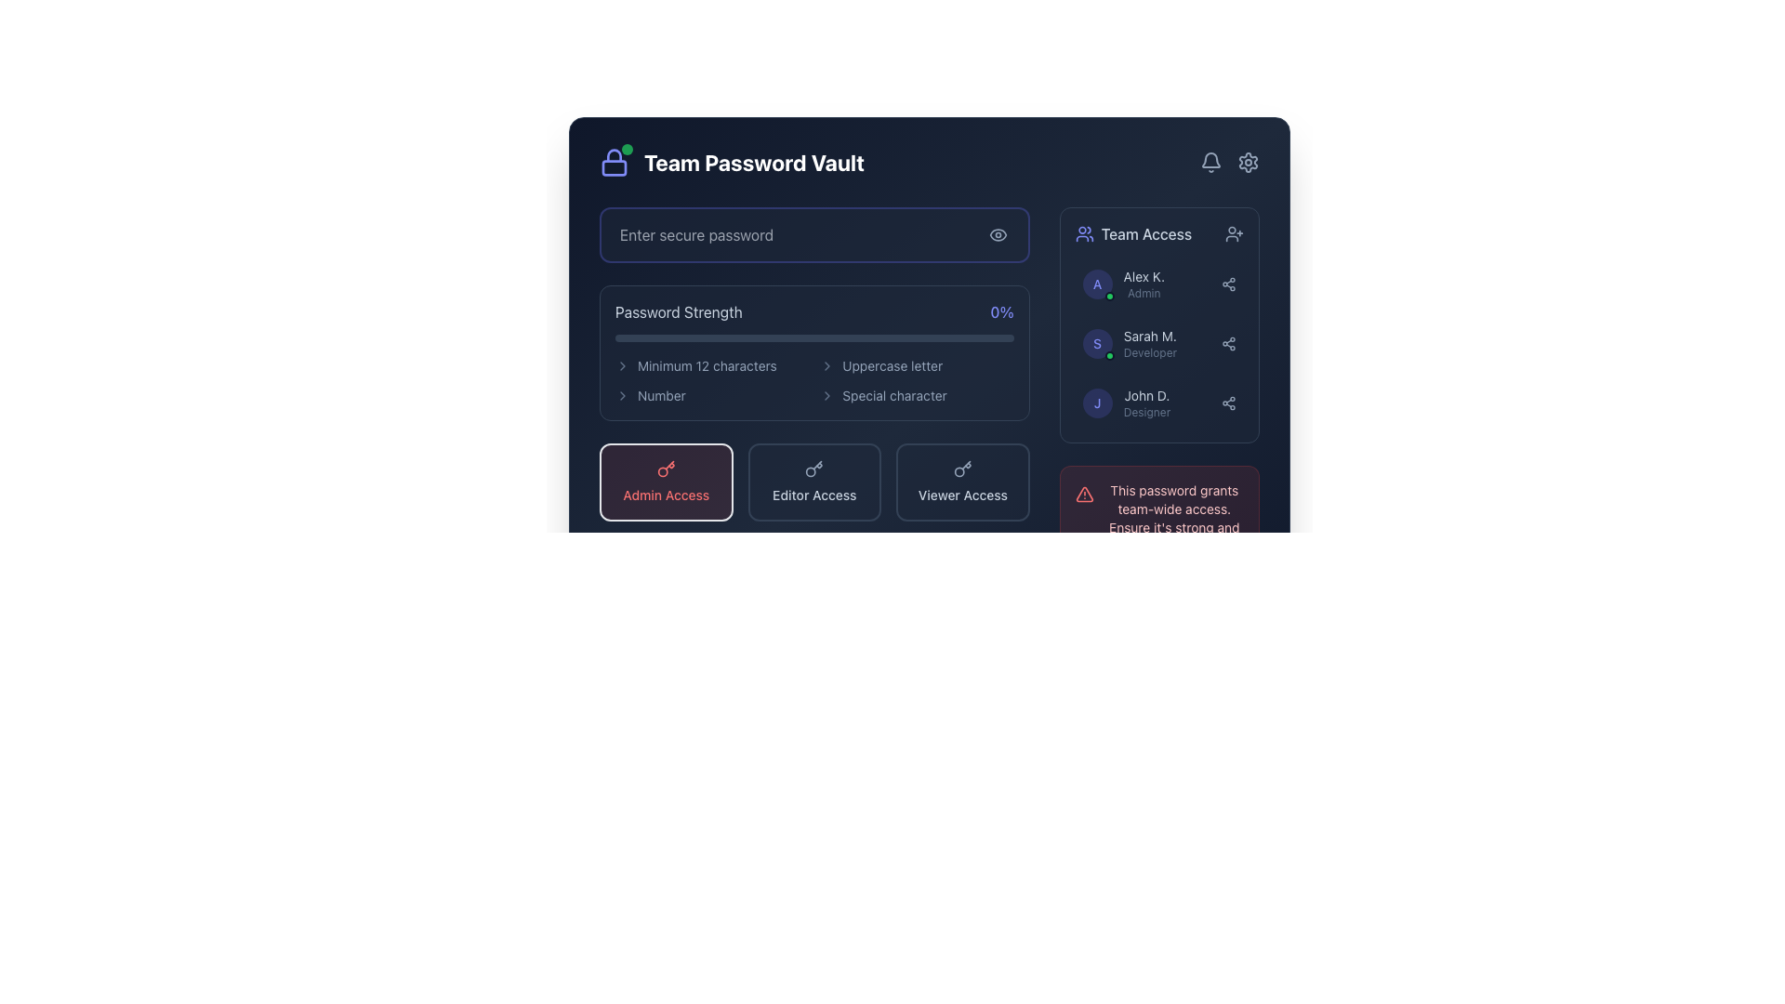 Image resolution: width=1785 pixels, height=1004 pixels. Describe the element at coordinates (1149, 337) in the screenshot. I see `the Text Label that identifies a user's name, located in the 'Team Access' panel, specifically positioned under 'Alex K.' and above 'Developer'` at that location.